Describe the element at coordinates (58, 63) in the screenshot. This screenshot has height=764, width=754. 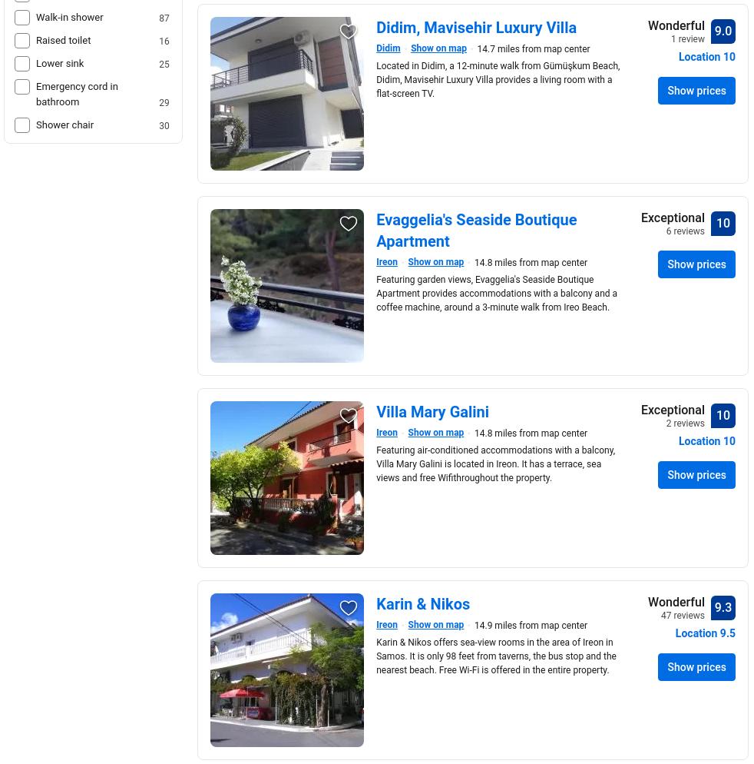
I see `'Lower sink'` at that location.